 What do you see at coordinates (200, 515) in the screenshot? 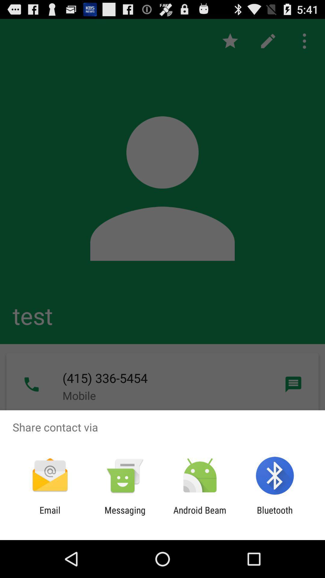
I see `android beam` at bounding box center [200, 515].